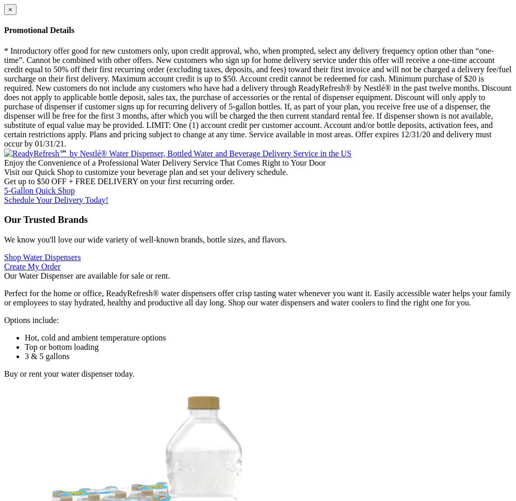 The height and width of the screenshot is (501, 516). I want to click on '5-Gallon Quick Shop', so click(39, 190).